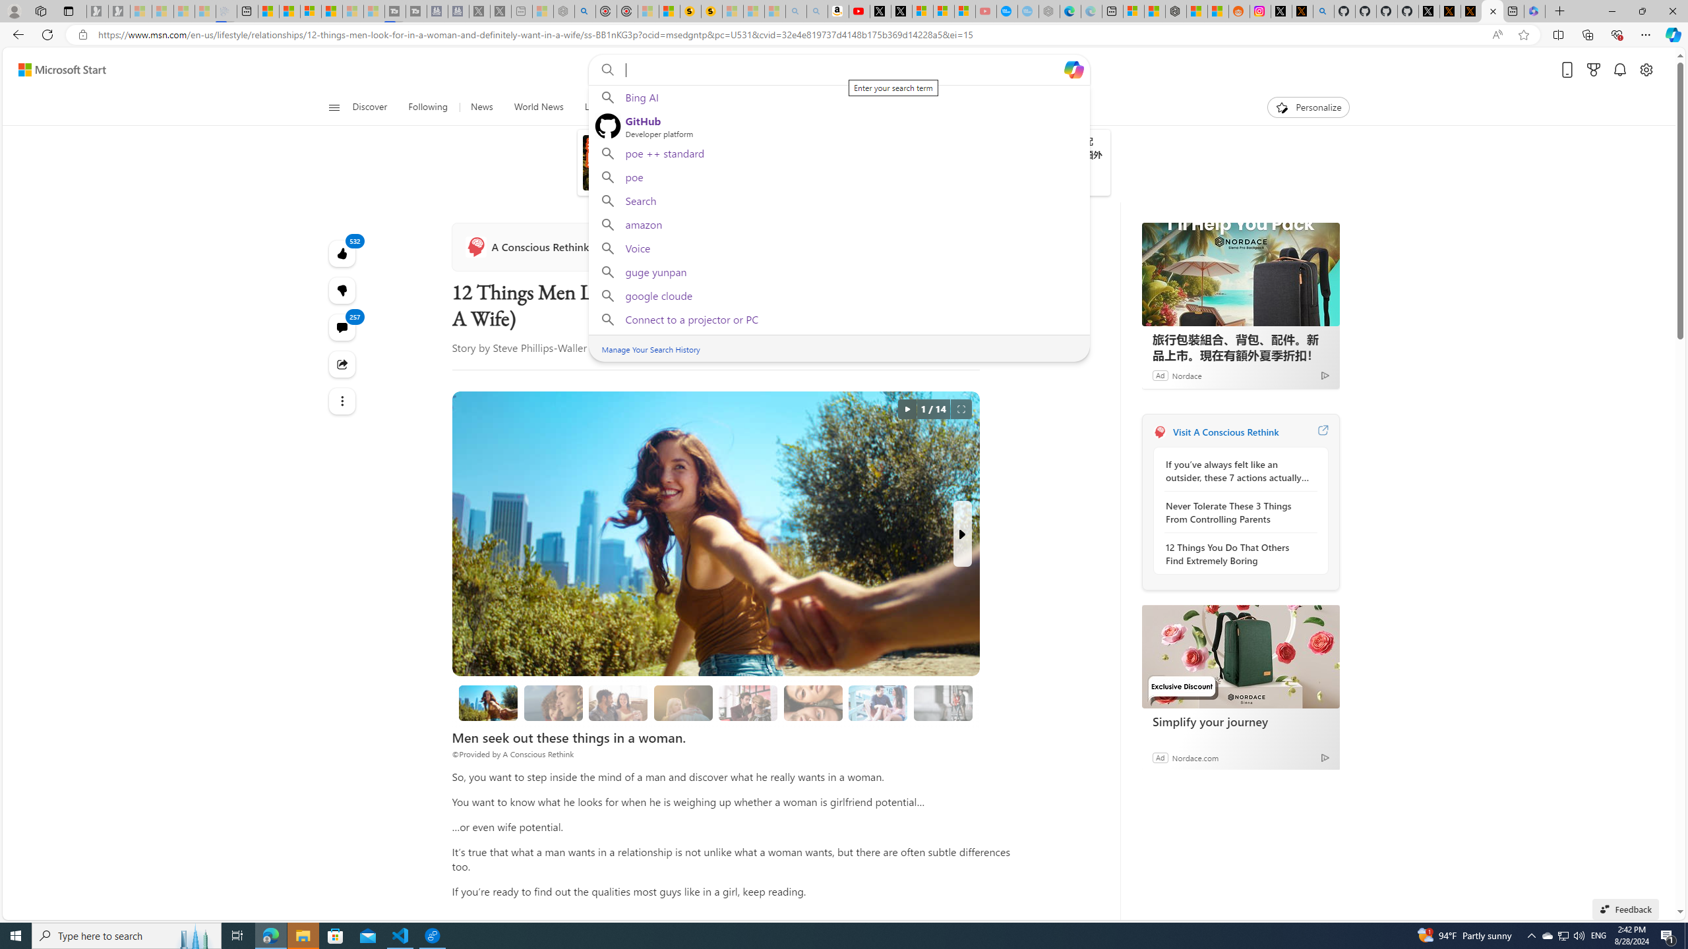 This screenshot has height=949, width=1688. What do you see at coordinates (1006, 11) in the screenshot?
I see `'Opinion: Op-Ed and Commentary - USA TODAY'` at bounding box center [1006, 11].